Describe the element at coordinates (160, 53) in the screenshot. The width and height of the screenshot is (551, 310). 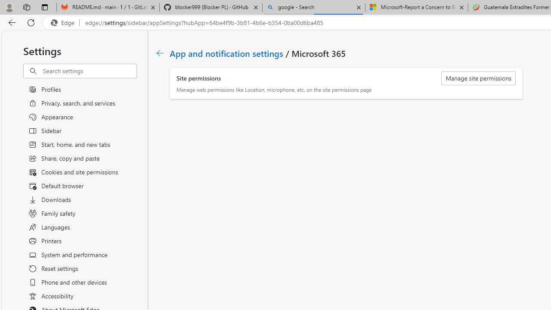
I see `'Class: c01182'` at that location.